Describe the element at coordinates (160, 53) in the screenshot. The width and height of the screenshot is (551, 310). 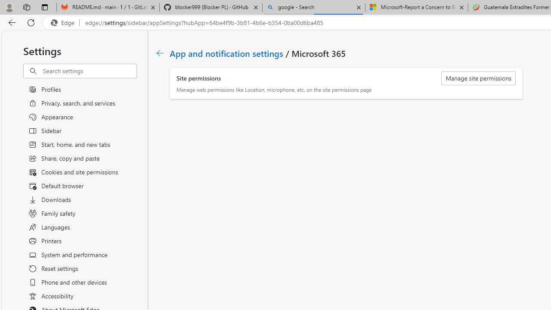
I see `'Class: c01182'` at that location.